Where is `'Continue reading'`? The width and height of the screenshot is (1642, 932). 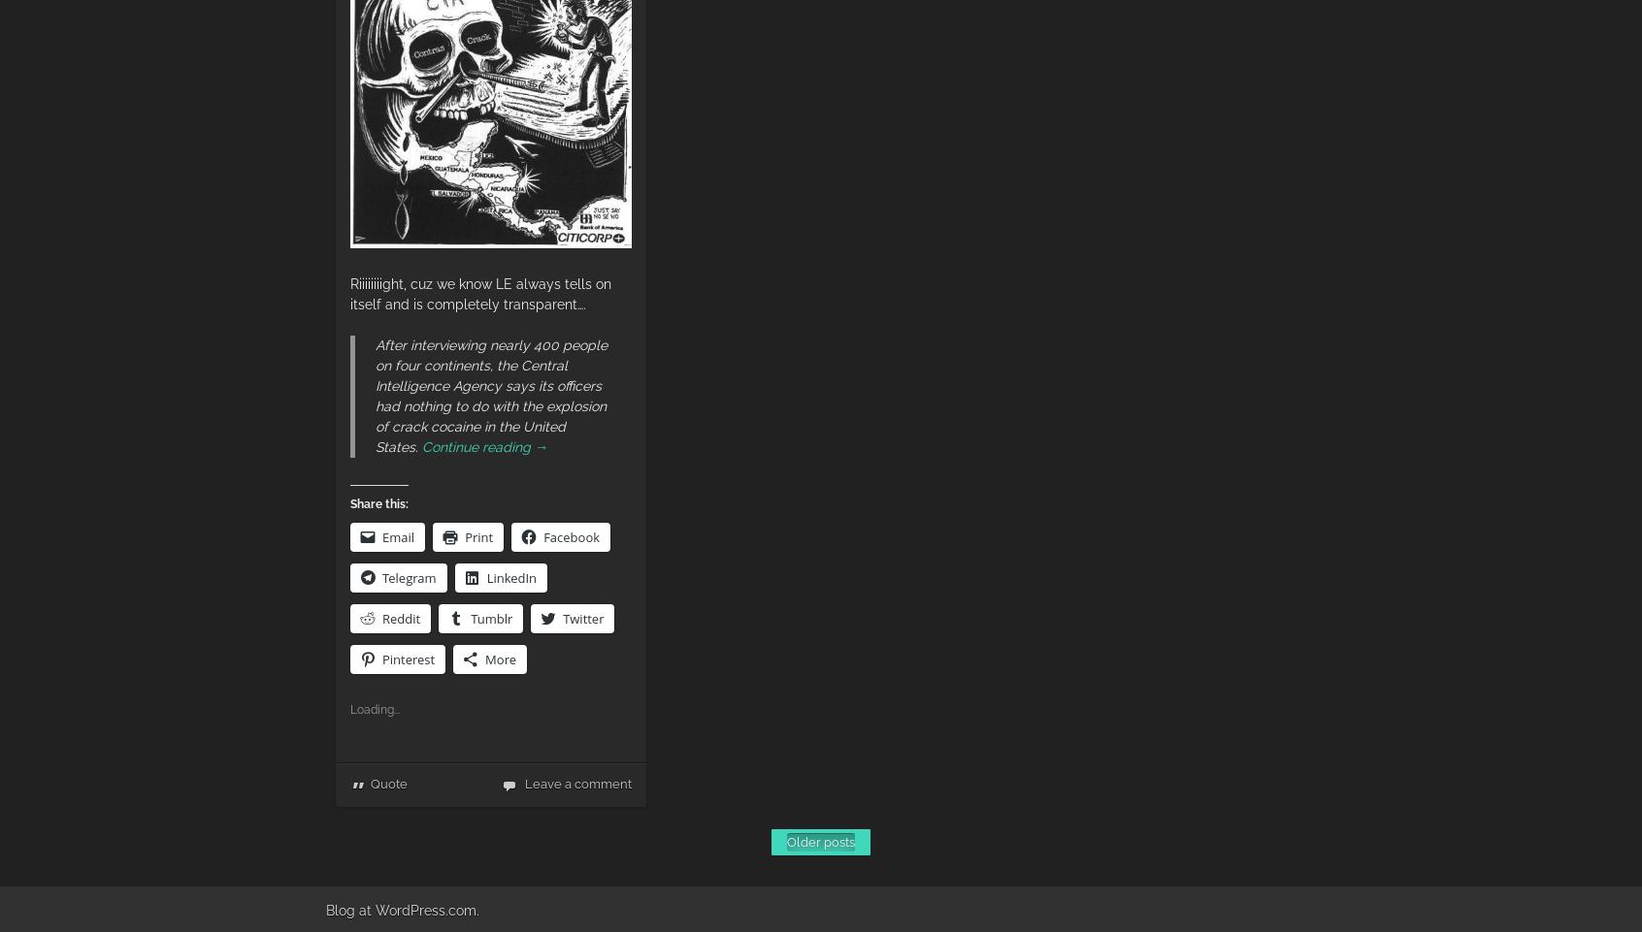 'Continue reading' is located at coordinates (477, 445).